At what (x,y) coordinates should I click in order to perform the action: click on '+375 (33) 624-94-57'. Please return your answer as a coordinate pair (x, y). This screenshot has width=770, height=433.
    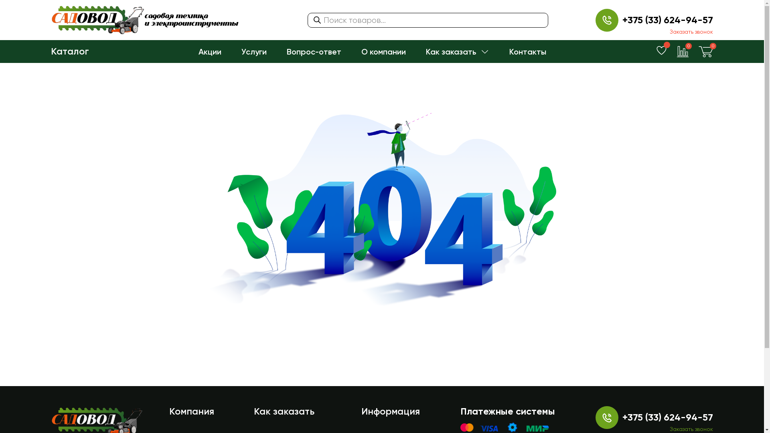
    Looking at the image, I should click on (622, 20).